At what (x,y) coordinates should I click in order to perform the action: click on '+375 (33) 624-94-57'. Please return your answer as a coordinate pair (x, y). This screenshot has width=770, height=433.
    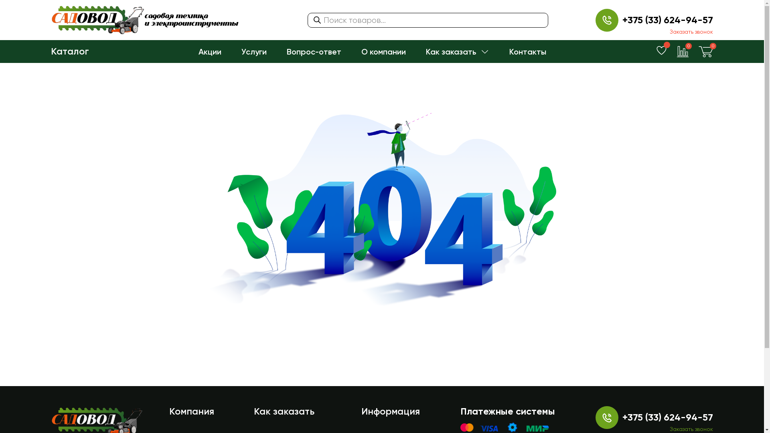
    Looking at the image, I should click on (622, 20).